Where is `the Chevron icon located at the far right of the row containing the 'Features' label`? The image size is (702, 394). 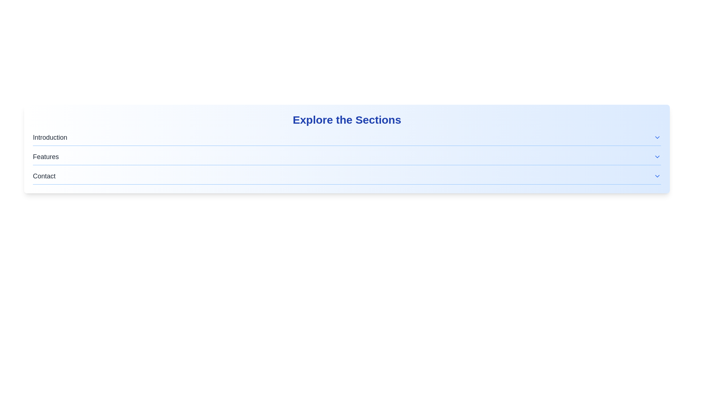 the Chevron icon located at the far right of the row containing the 'Features' label is located at coordinates (657, 156).